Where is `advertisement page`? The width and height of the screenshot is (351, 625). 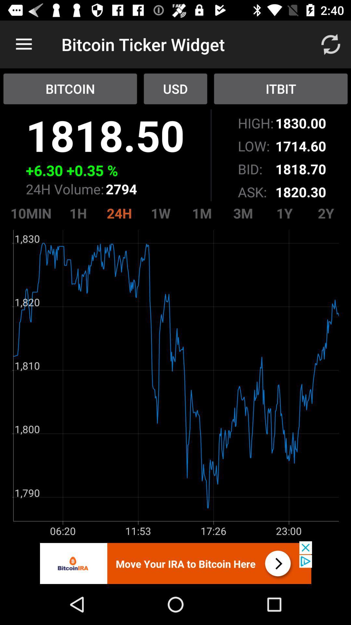 advertisement page is located at coordinates (175, 562).